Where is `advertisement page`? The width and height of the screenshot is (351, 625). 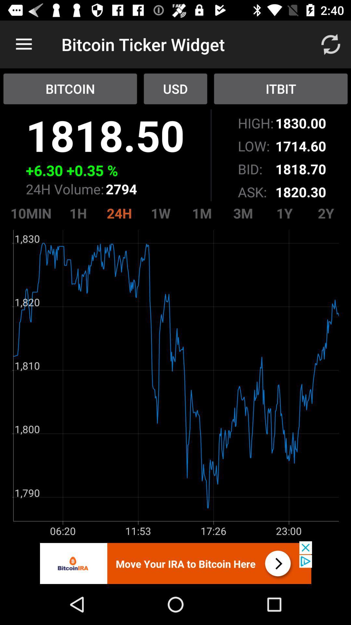 advertisement page is located at coordinates (175, 562).